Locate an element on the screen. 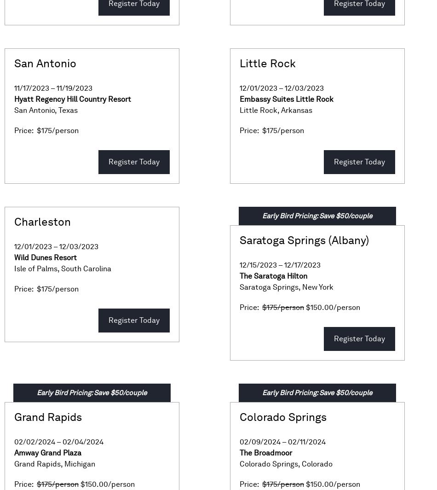 The height and width of the screenshot is (490, 437). 'South Carolina' is located at coordinates (86, 268).